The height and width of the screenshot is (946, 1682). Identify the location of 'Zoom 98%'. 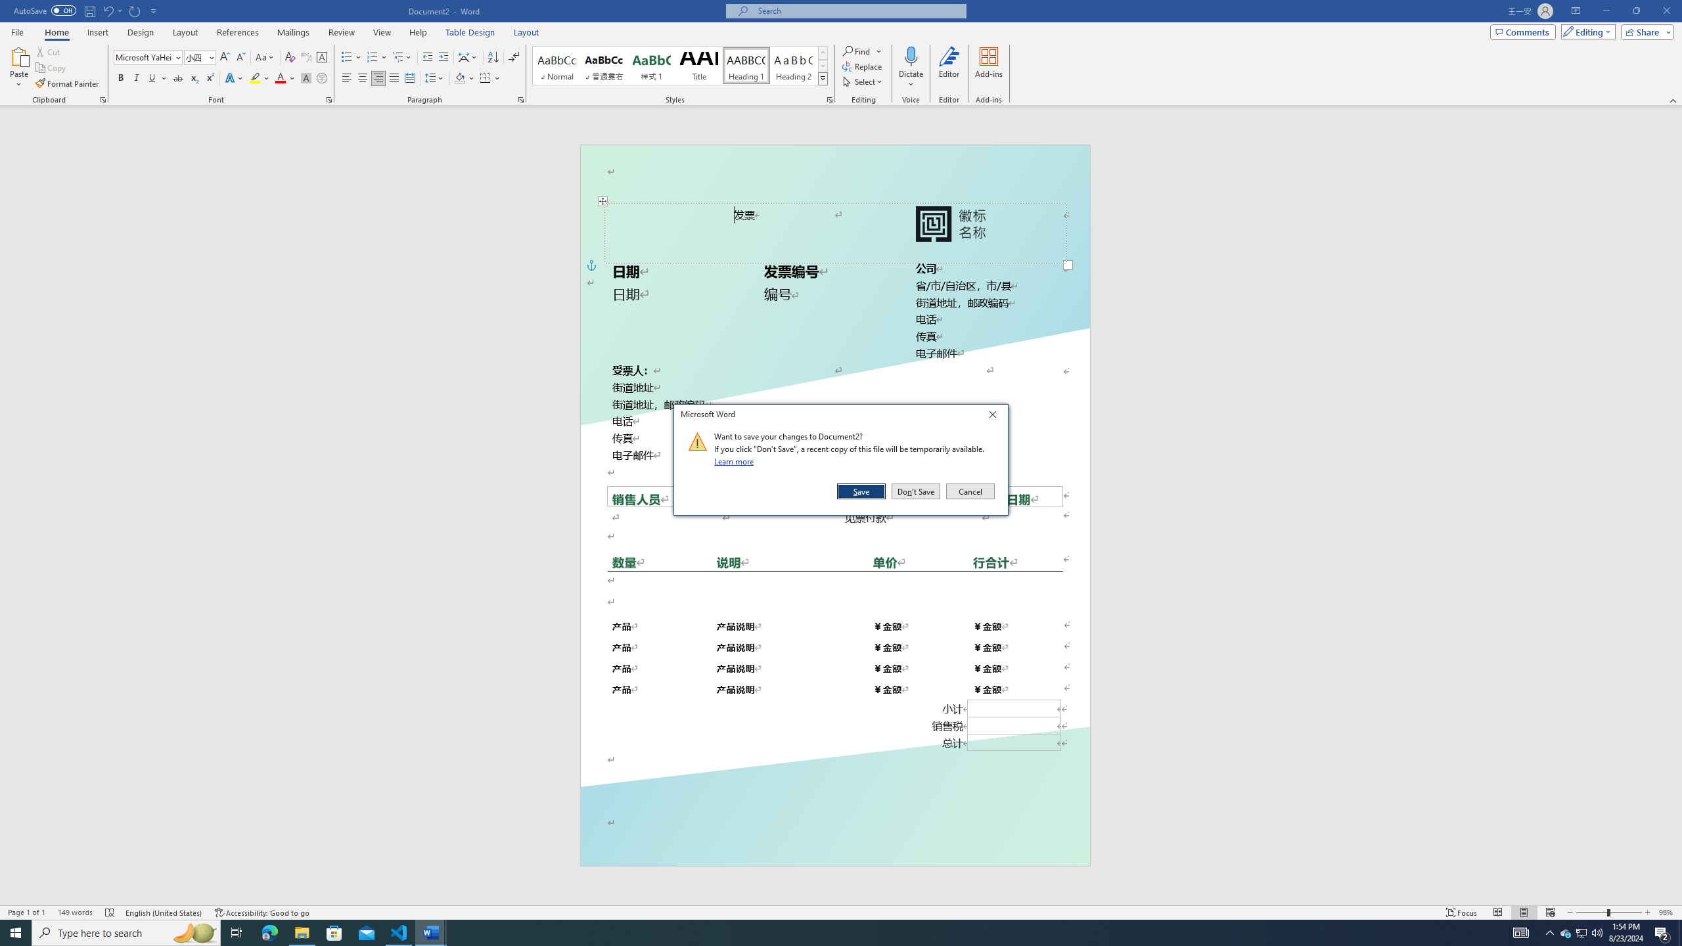
(1667, 912).